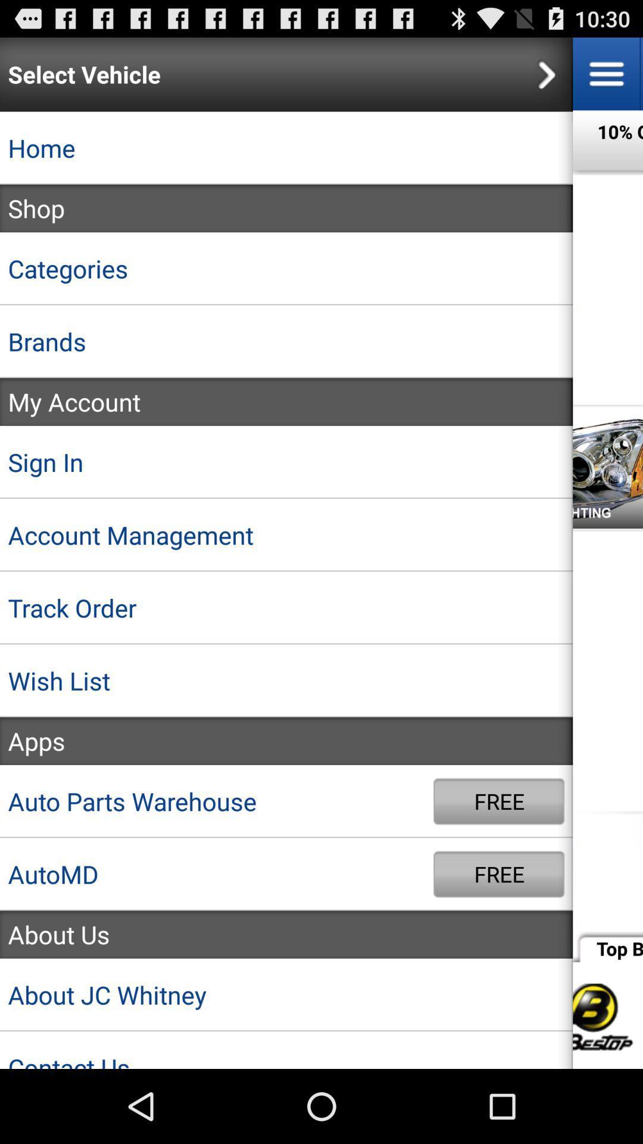 The height and width of the screenshot is (1144, 643). What do you see at coordinates (286, 268) in the screenshot?
I see `app above brands icon` at bounding box center [286, 268].